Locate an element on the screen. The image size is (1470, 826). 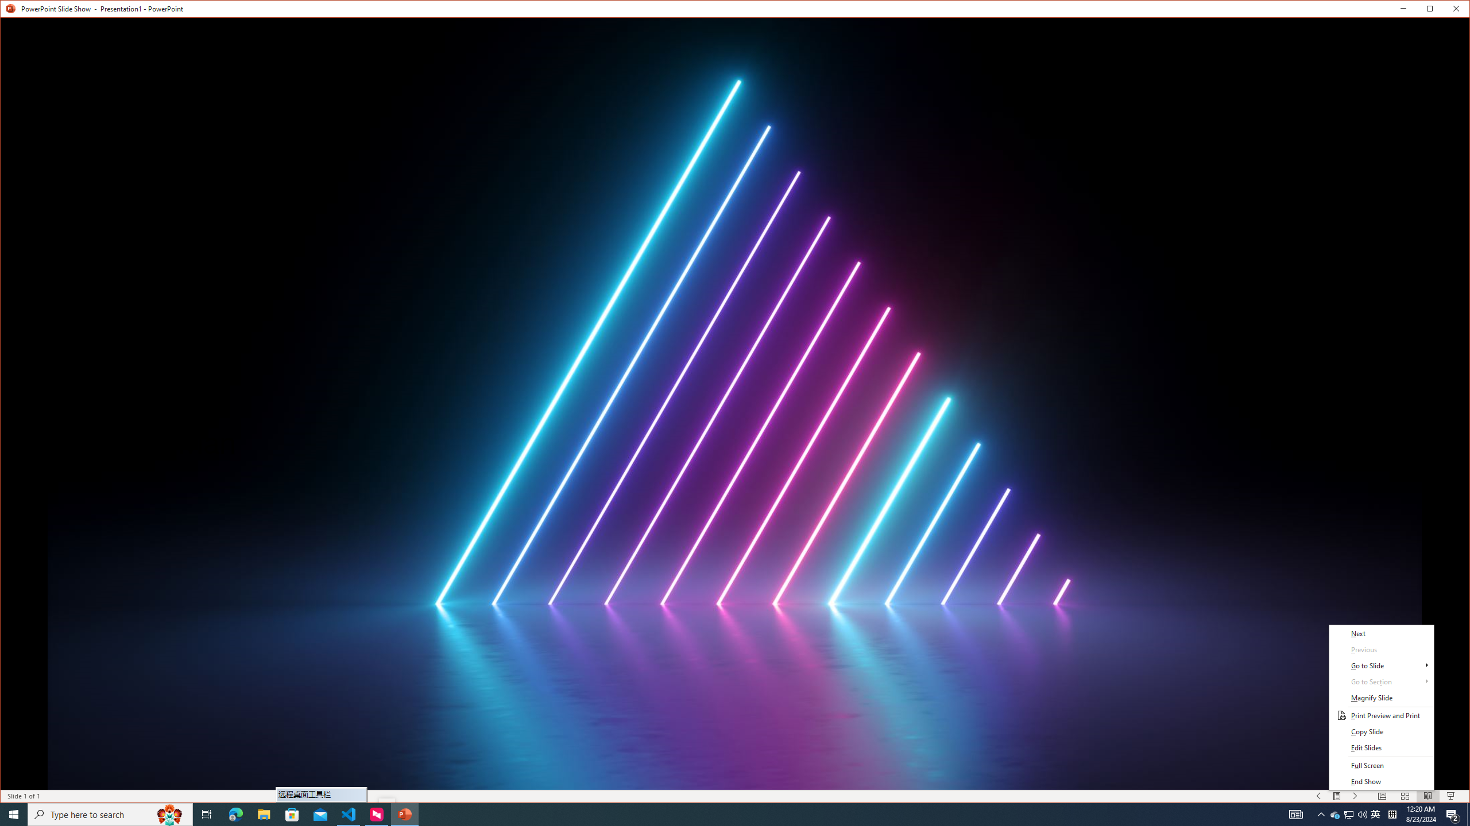
'Full Screen' is located at coordinates (1381, 765).